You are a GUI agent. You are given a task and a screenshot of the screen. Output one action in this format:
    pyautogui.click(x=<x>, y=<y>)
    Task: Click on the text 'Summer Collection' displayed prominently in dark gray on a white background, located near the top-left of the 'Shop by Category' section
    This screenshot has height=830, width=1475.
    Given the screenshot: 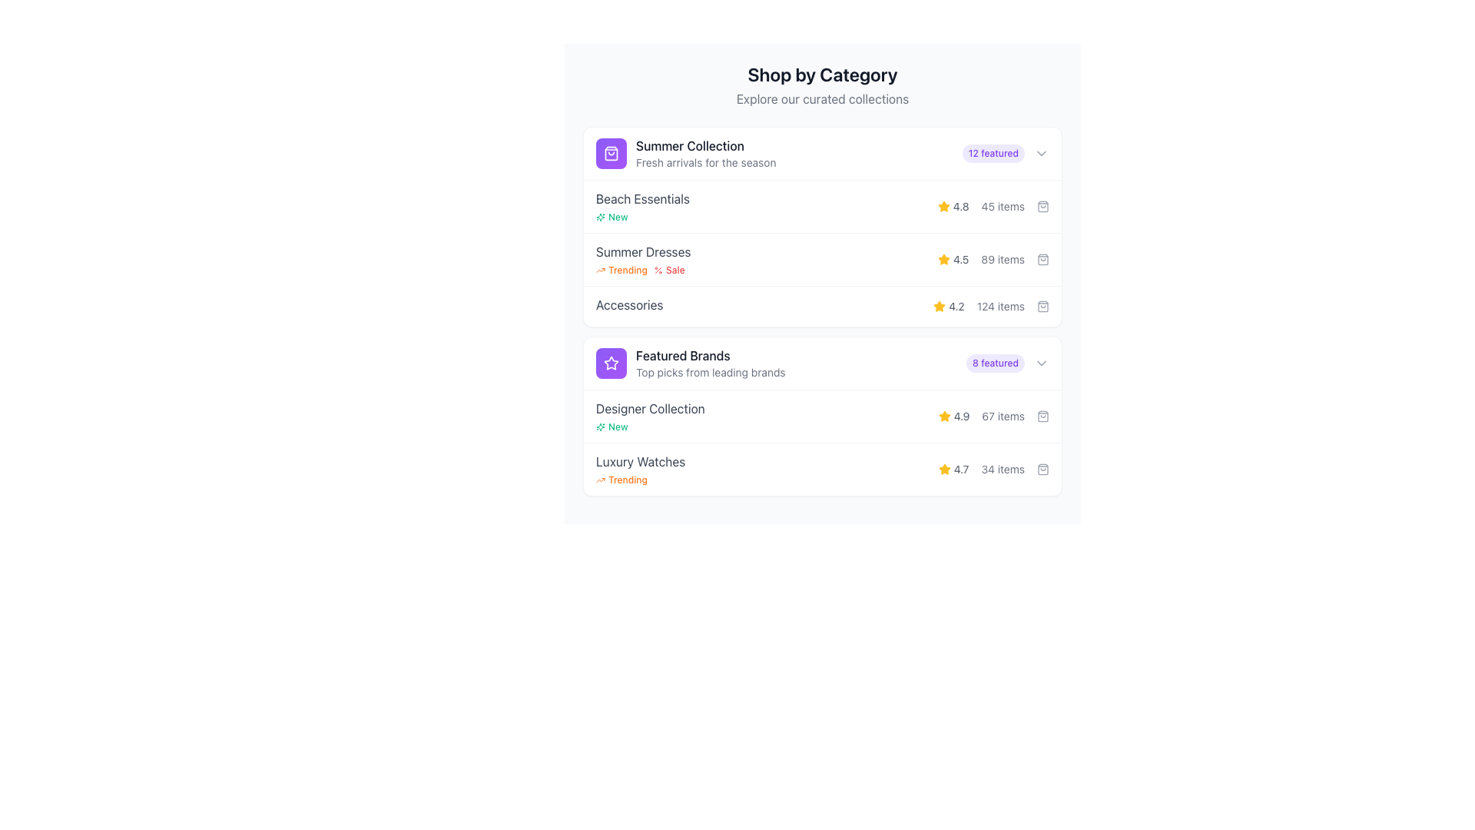 What is the action you would take?
    pyautogui.click(x=705, y=145)
    